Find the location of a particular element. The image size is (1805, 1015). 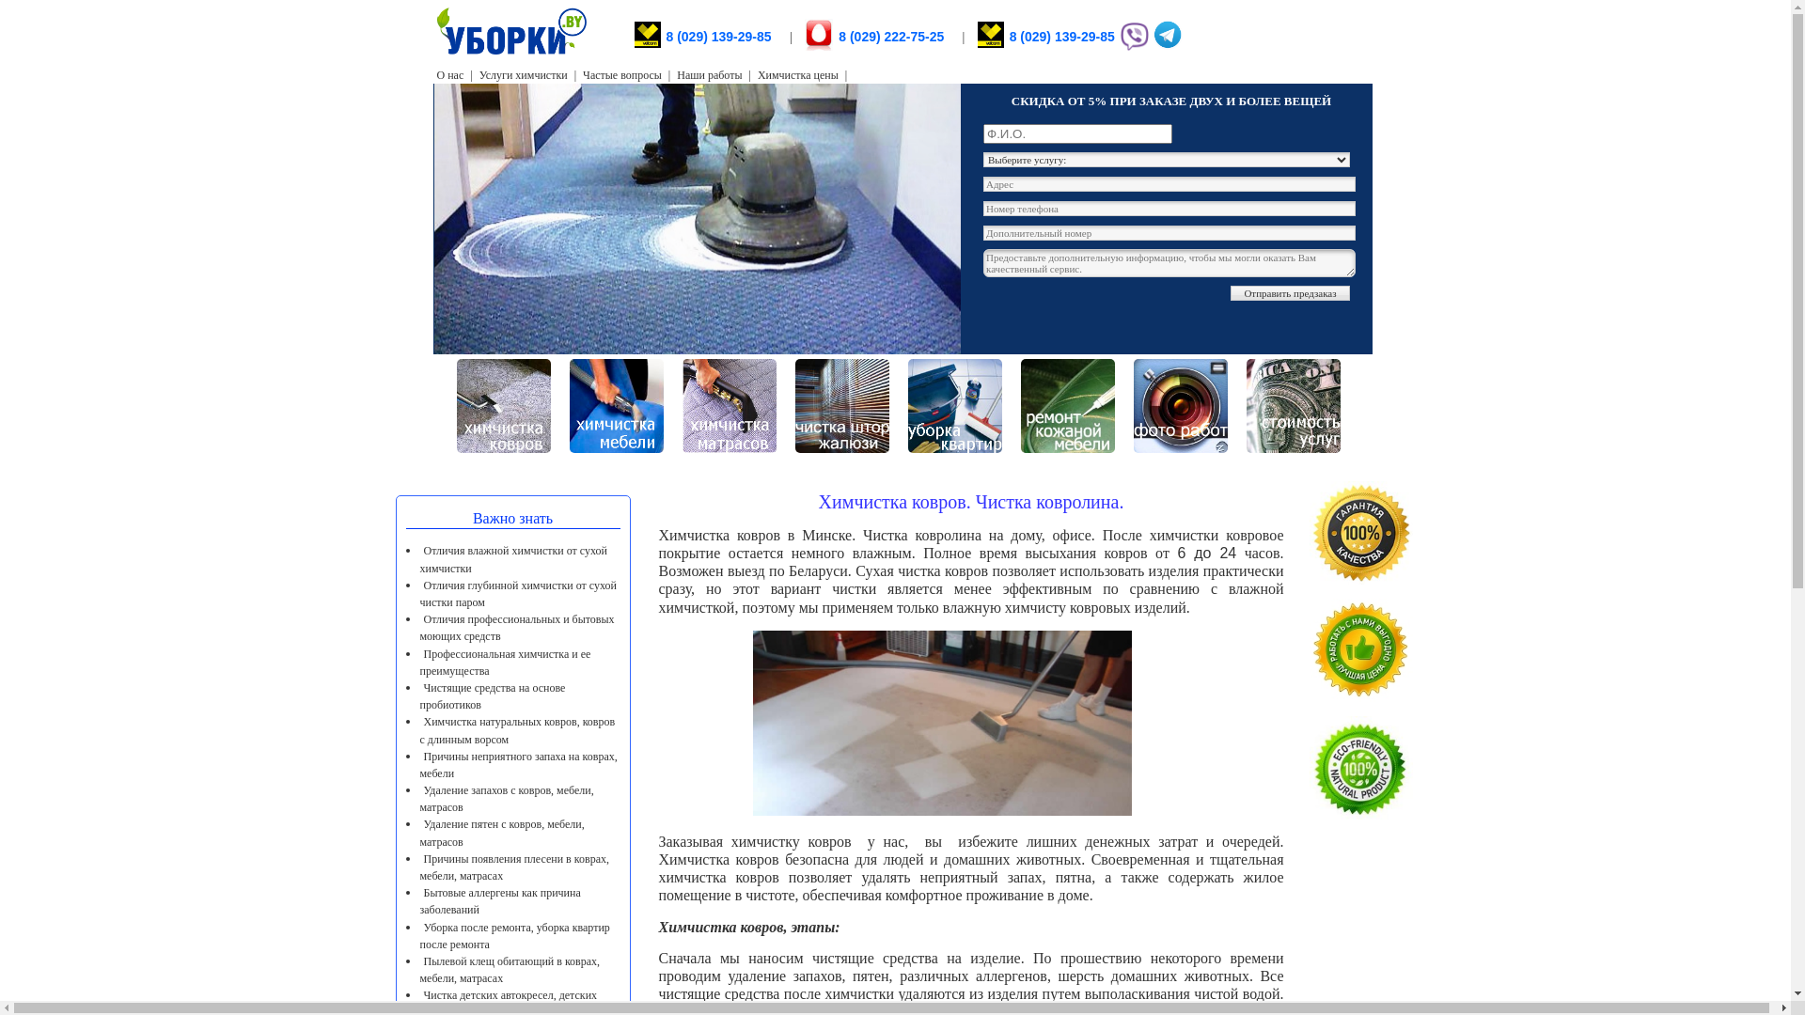

'8 (029) 139-29-85' is located at coordinates (719, 37).